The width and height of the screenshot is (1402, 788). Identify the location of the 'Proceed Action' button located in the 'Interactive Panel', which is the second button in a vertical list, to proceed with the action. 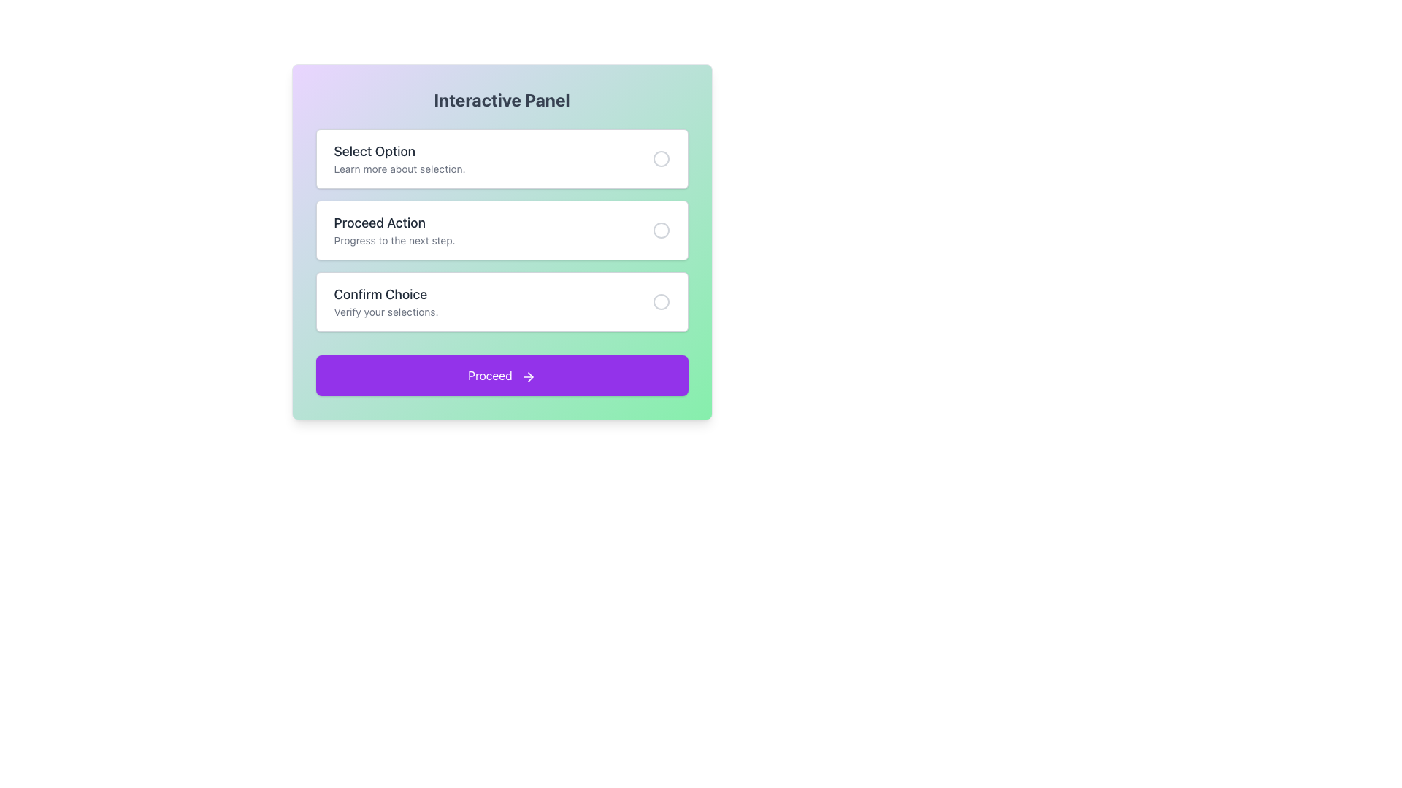
(502, 230).